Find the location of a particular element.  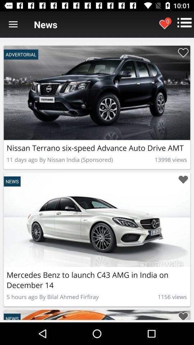

love favorite is located at coordinates (183, 179).